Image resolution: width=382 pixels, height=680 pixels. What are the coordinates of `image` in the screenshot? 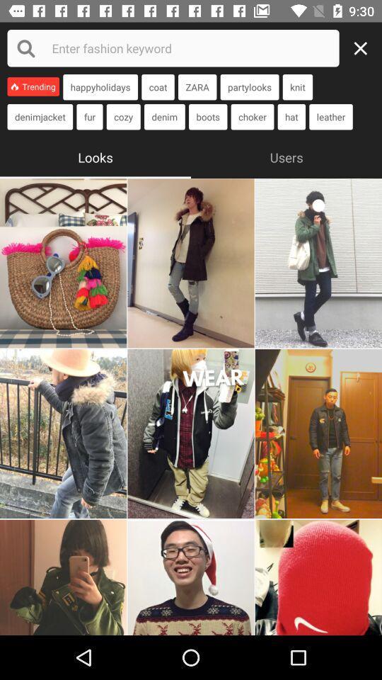 It's located at (191, 577).